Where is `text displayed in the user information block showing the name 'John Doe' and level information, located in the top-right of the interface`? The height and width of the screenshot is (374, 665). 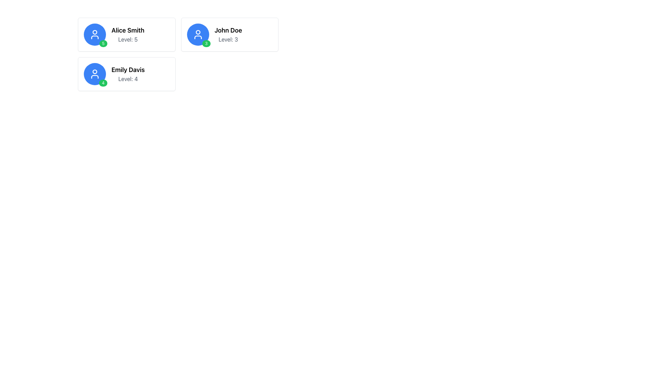
text displayed in the user information block showing the name 'John Doe' and level information, located in the top-right of the interface is located at coordinates (228, 35).